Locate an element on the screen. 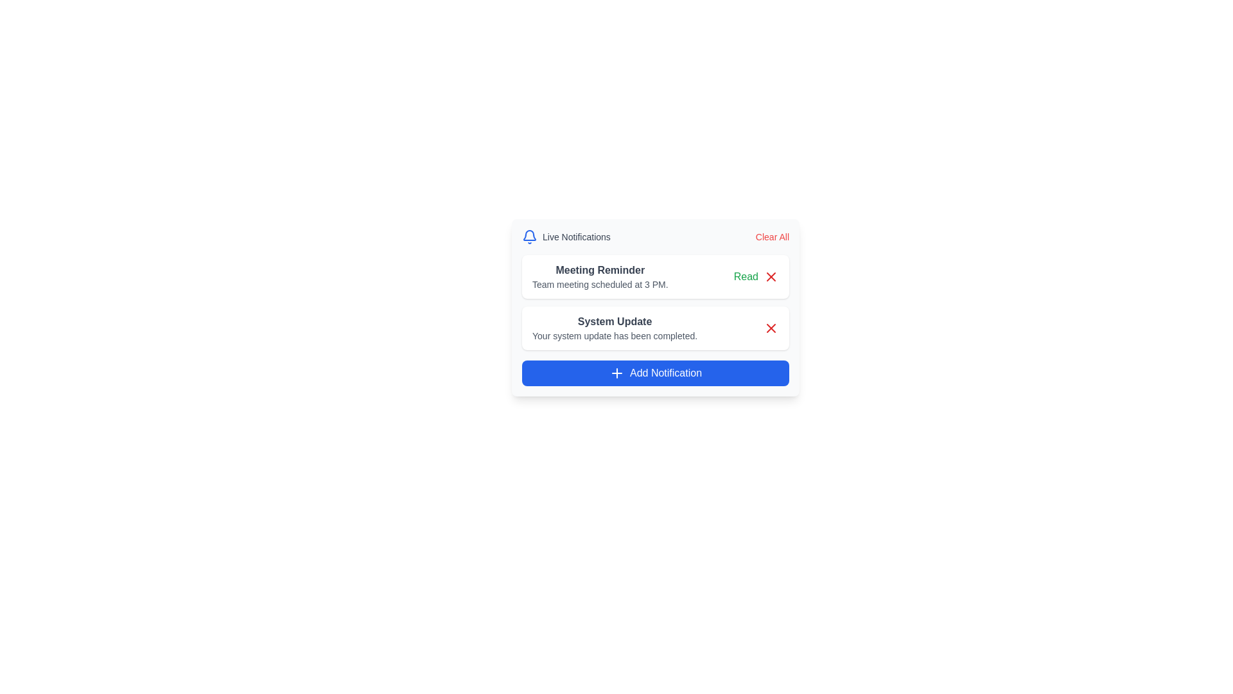  the text block that serves as a notification title and description for the recent system update, located in the middle section of the notification card titled 'System Update', positioned between 'Meeting Reminder' and the action button '+ Add Notification' is located at coordinates (614, 327).